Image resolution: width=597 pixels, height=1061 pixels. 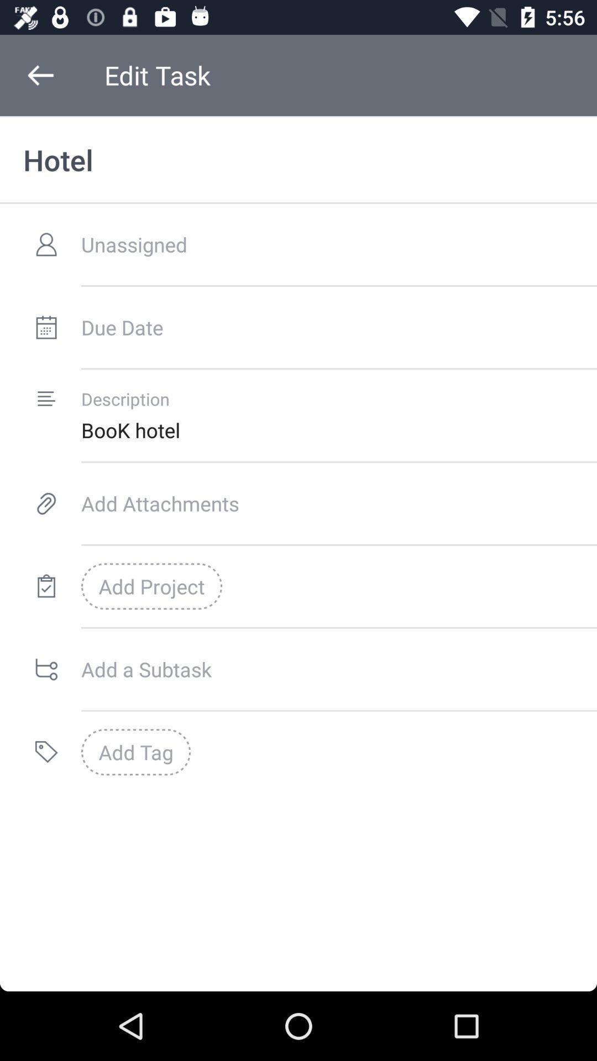 What do you see at coordinates (135, 752) in the screenshot?
I see `the add tag` at bounding box center [135, 752].